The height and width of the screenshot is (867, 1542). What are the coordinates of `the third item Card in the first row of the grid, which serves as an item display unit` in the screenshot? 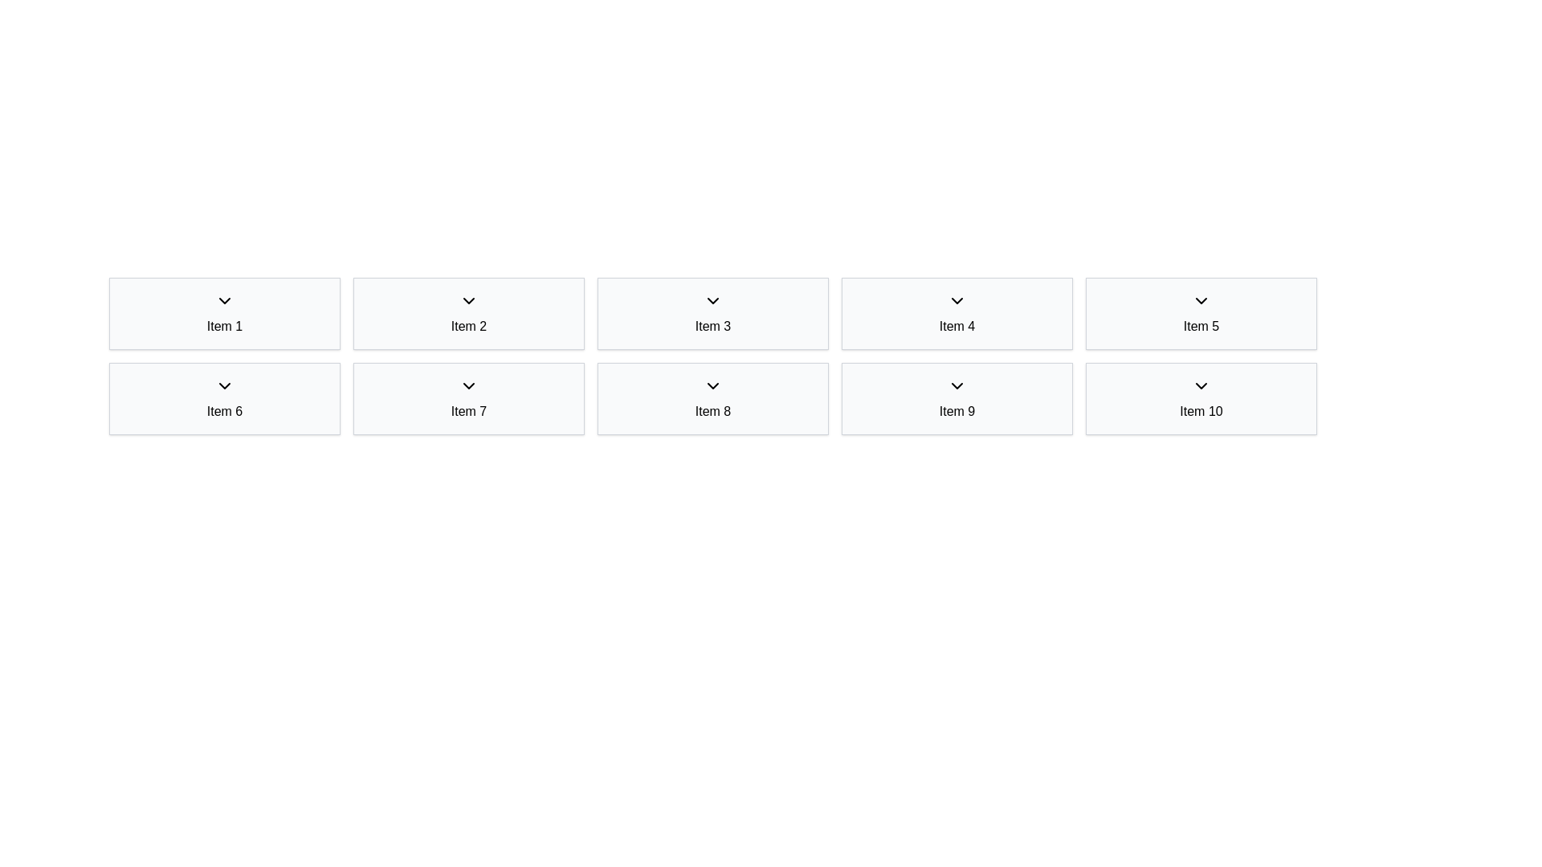 It's located at (712, 313).